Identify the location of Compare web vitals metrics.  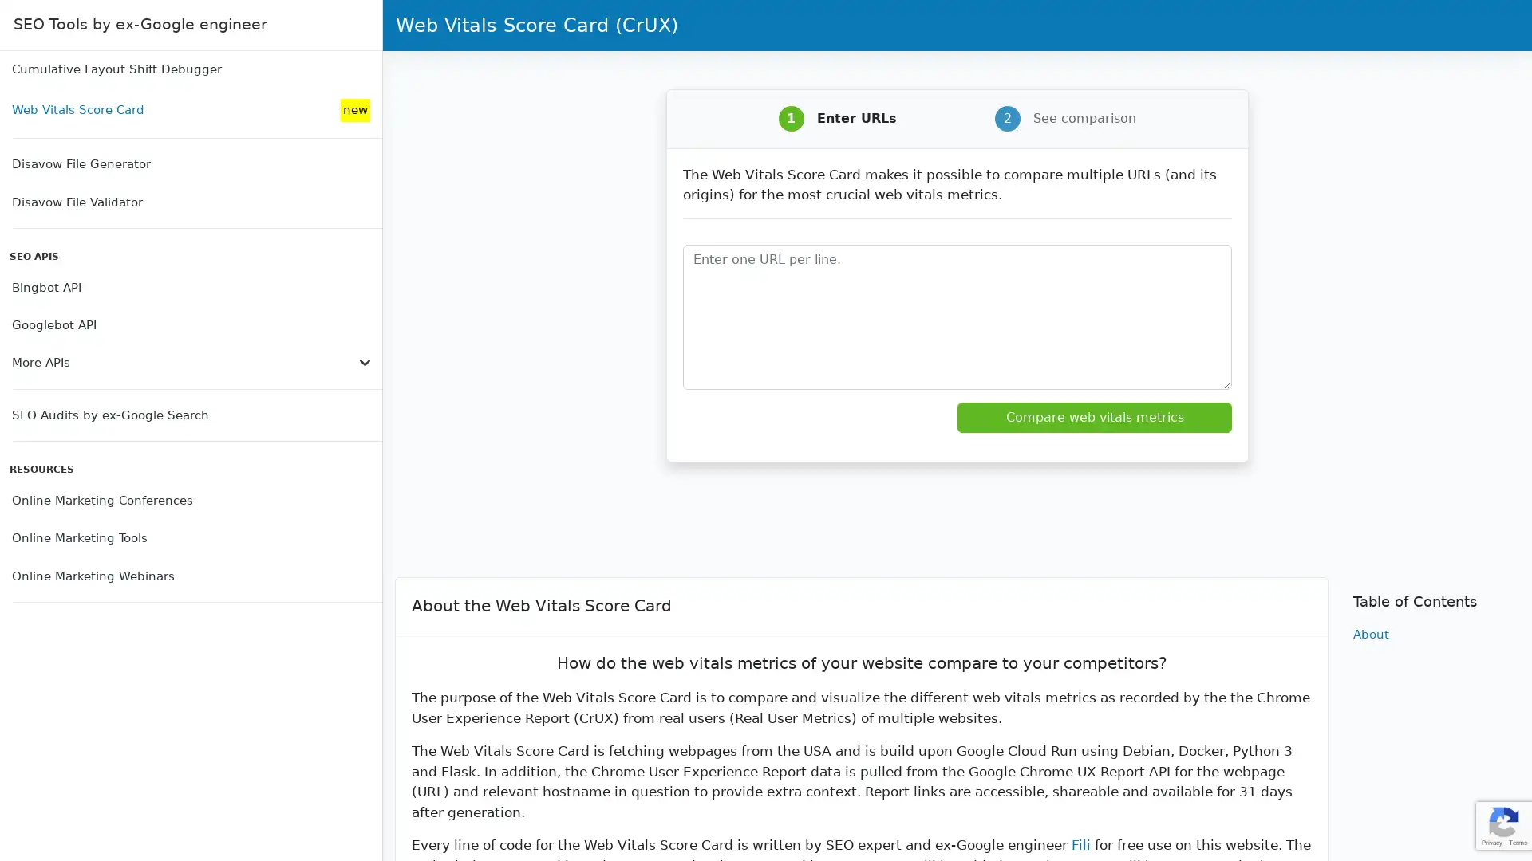
(1094, 416).